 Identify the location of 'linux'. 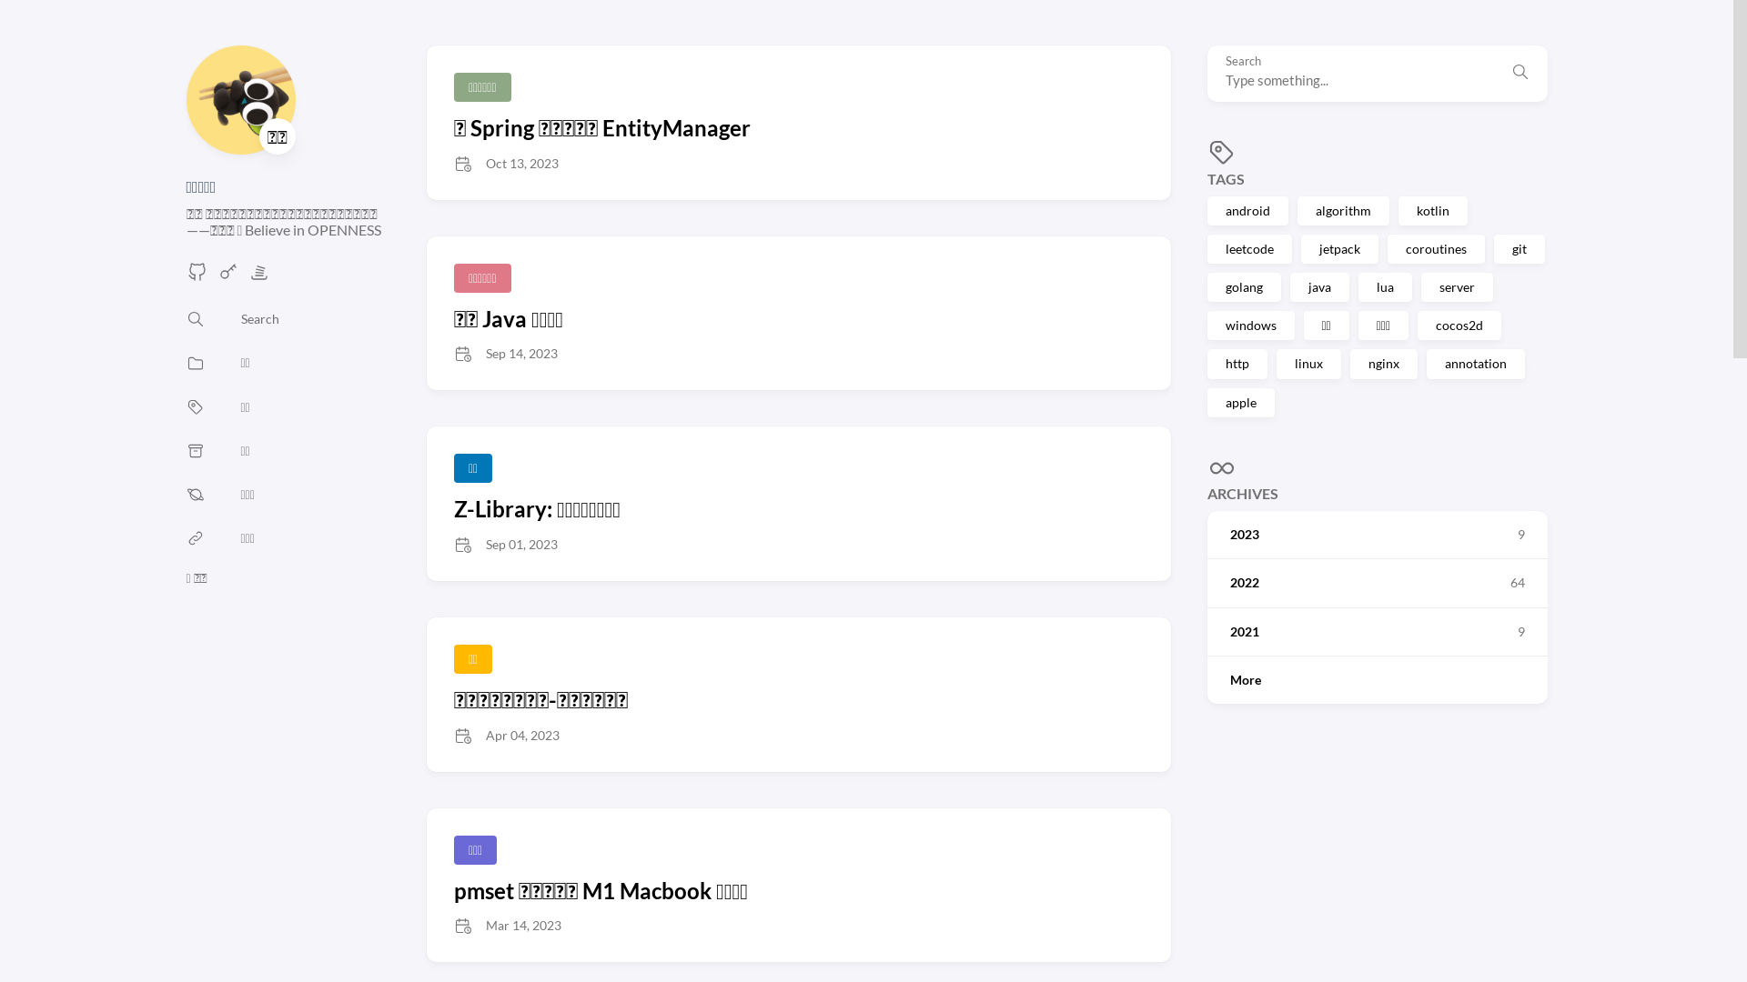
(1307, 364).